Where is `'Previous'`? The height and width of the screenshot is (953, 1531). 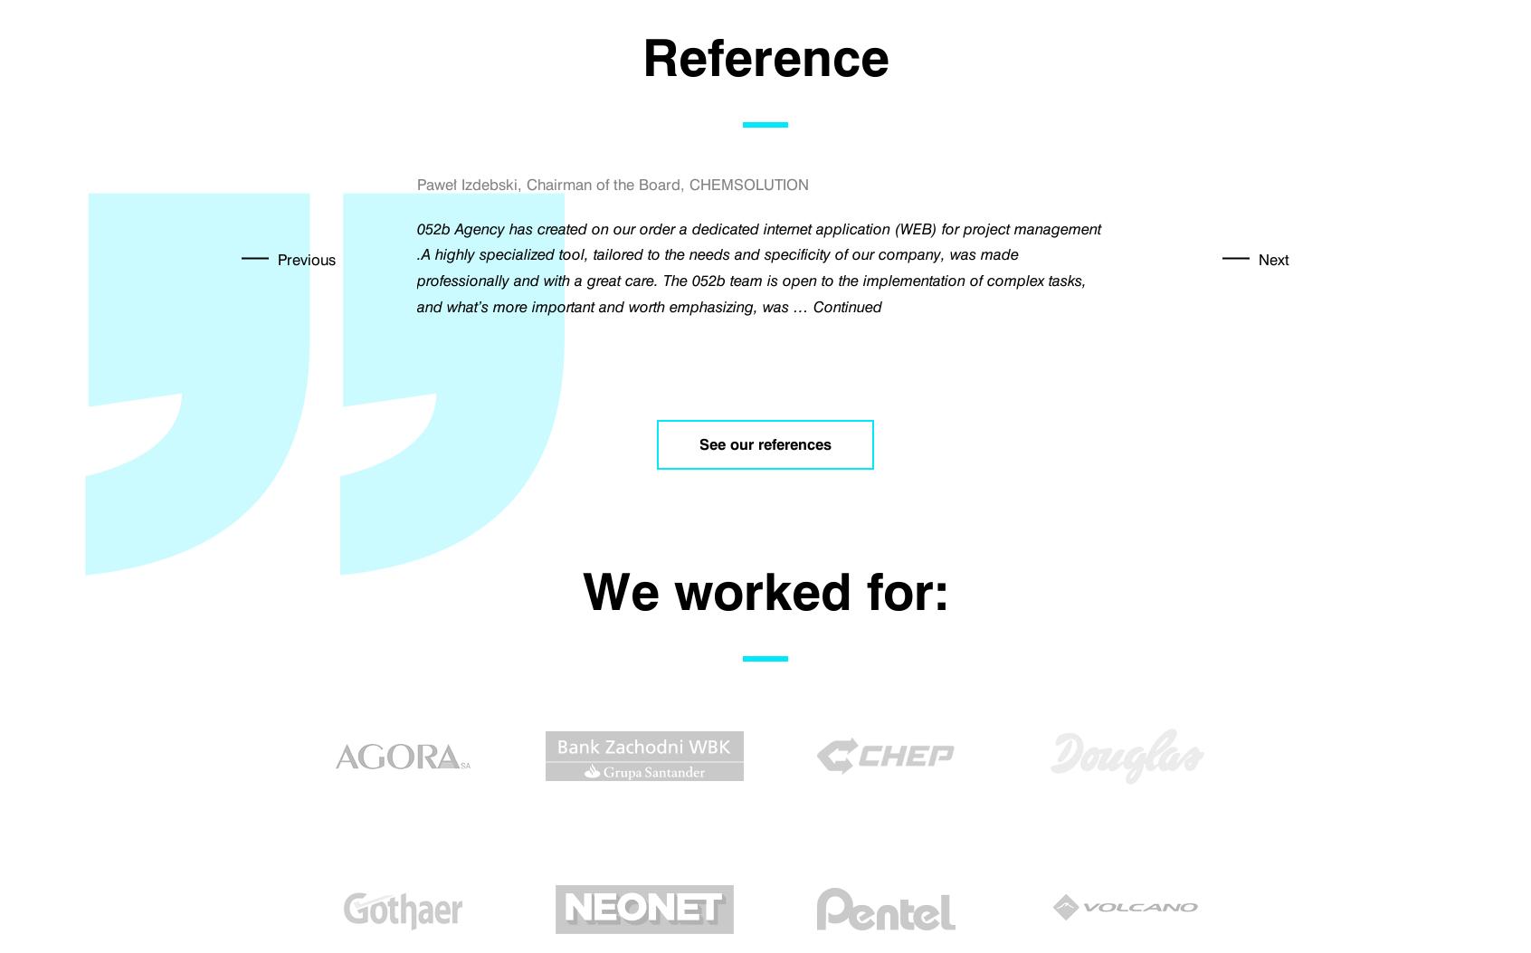 'Previous' is located at coordinates (306, 258).